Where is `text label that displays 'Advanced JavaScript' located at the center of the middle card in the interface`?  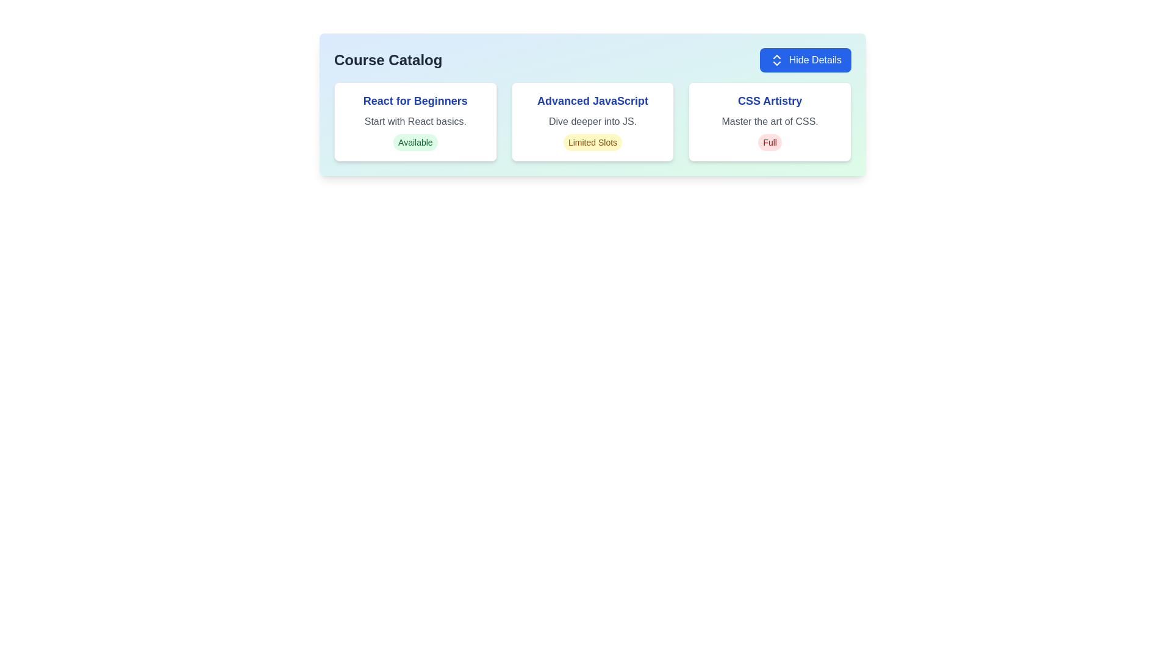 text label that displays 'Advanced JavaScript' located at the center of the middle card in the interface is located at coordinates (592, 100).